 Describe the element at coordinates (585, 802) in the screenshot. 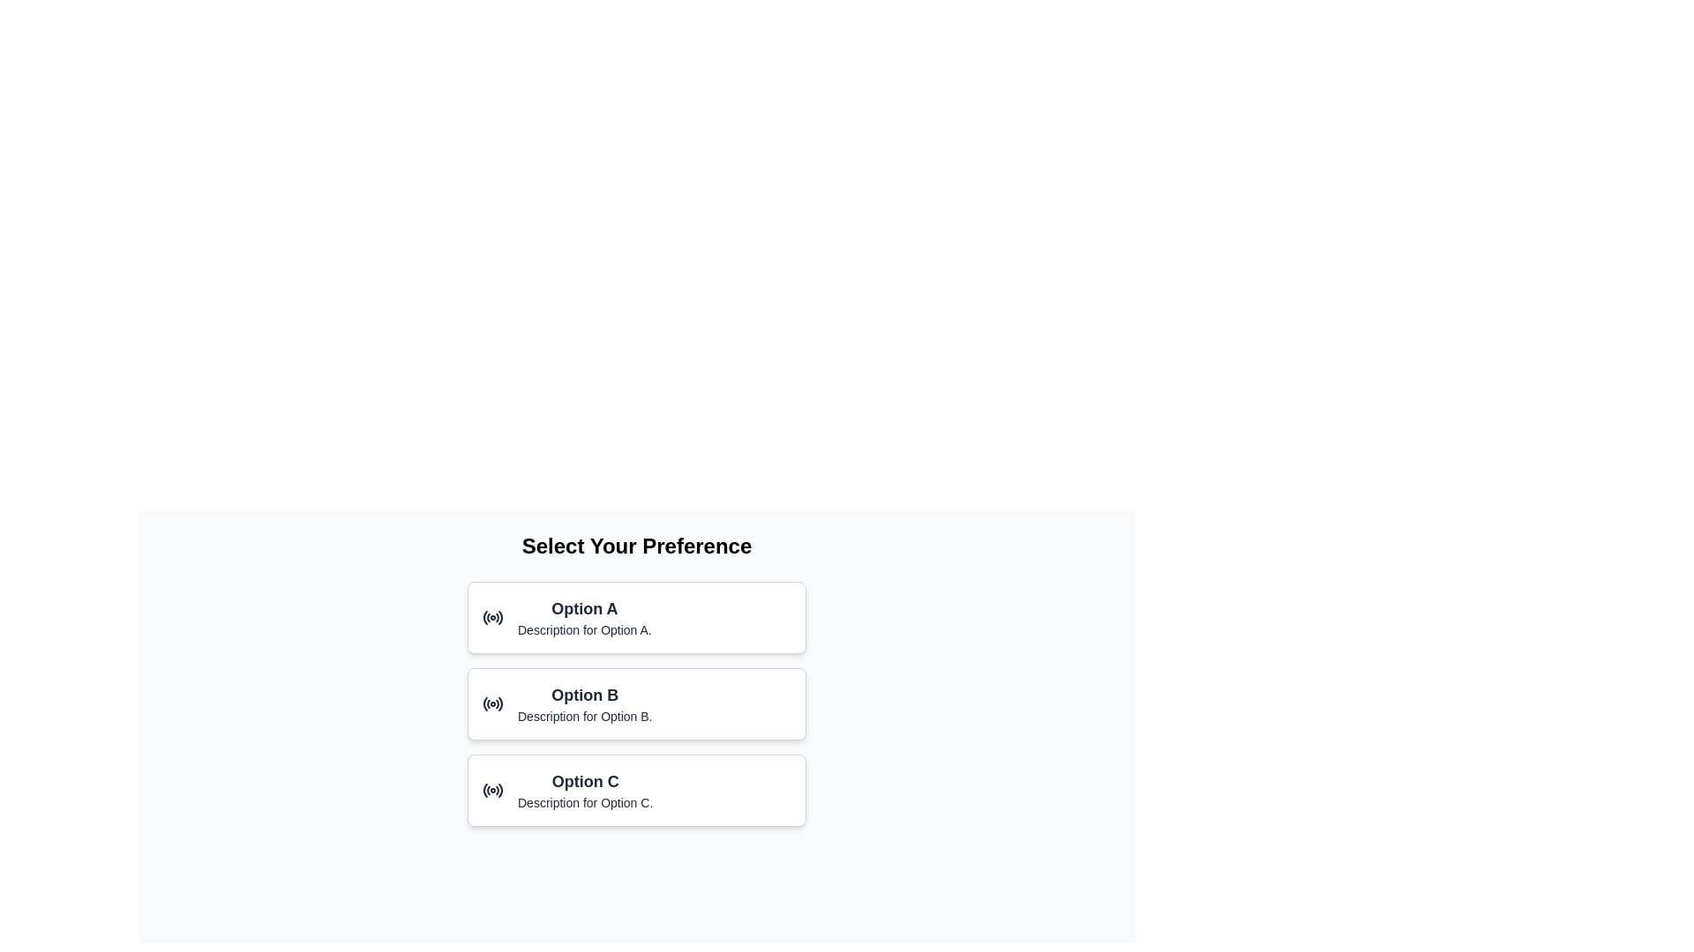

I see `the static text element that provides descriptive information for 'Option C', located beneath the 'Option C' heading in the third option block` at that location.